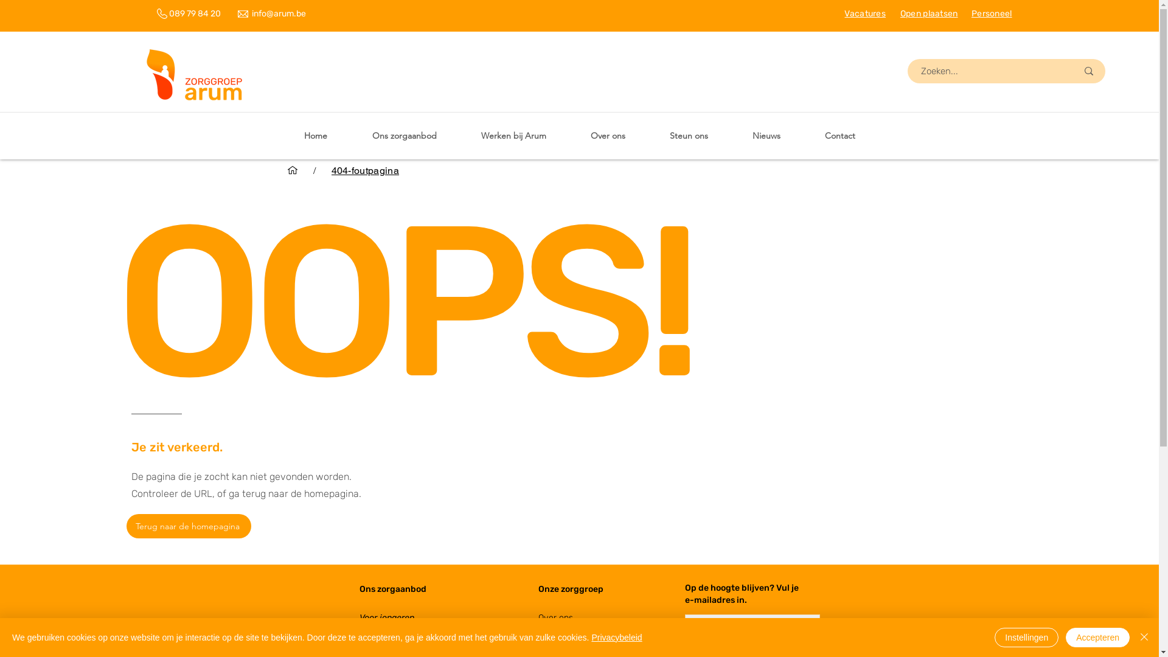  Describe the element at coordinates (169, 13) in the screenshot. I see `'089 79 84 20'` at that location.